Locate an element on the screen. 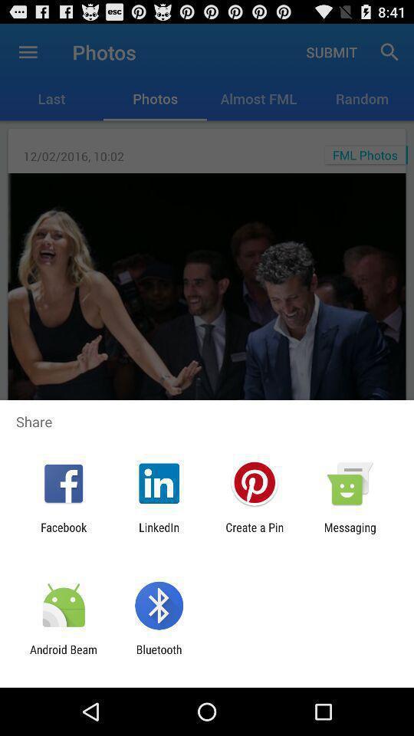 This screenshot has height=736, width=414. item to the right of the android beam item is located at coordinates (158, 655).